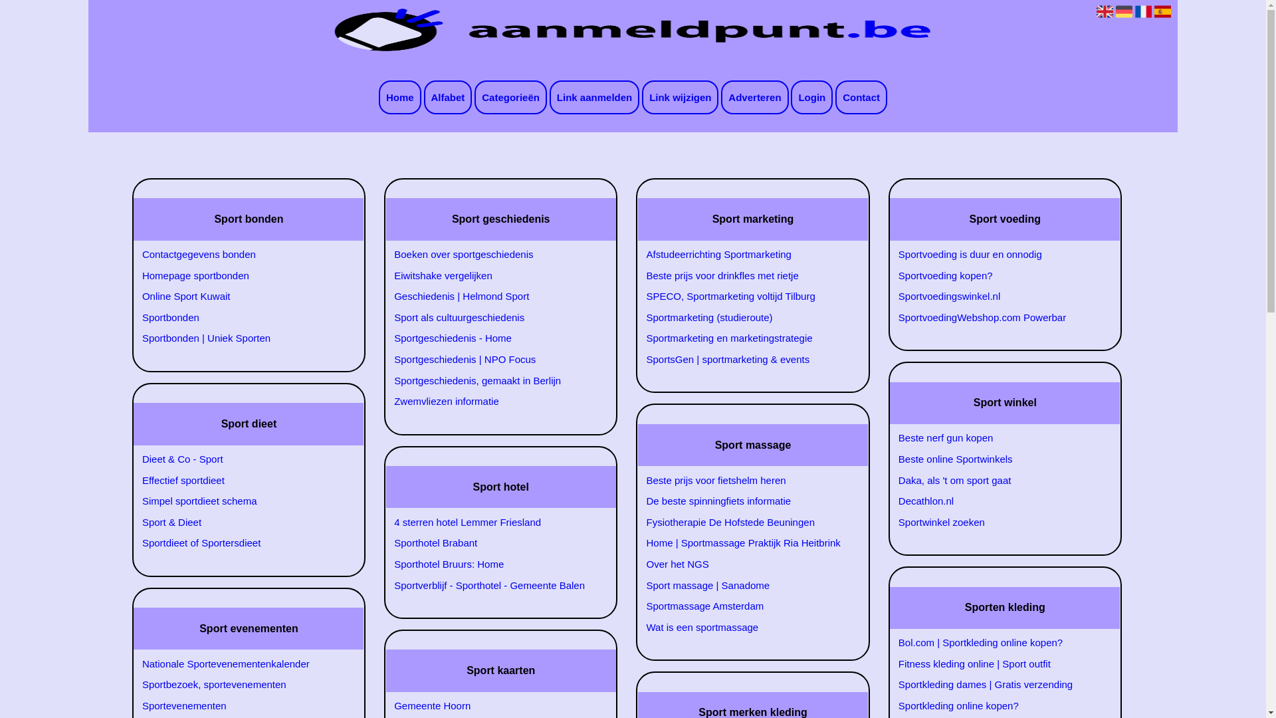  I want to click on 'Sportmassage Amsterdam', so click(745, 606).